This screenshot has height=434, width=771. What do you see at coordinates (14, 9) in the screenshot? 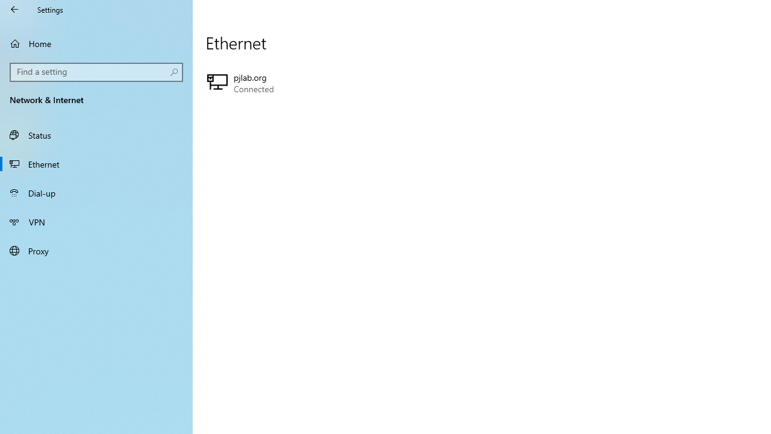
I see `'Back'` at bounding box center [14, 9].